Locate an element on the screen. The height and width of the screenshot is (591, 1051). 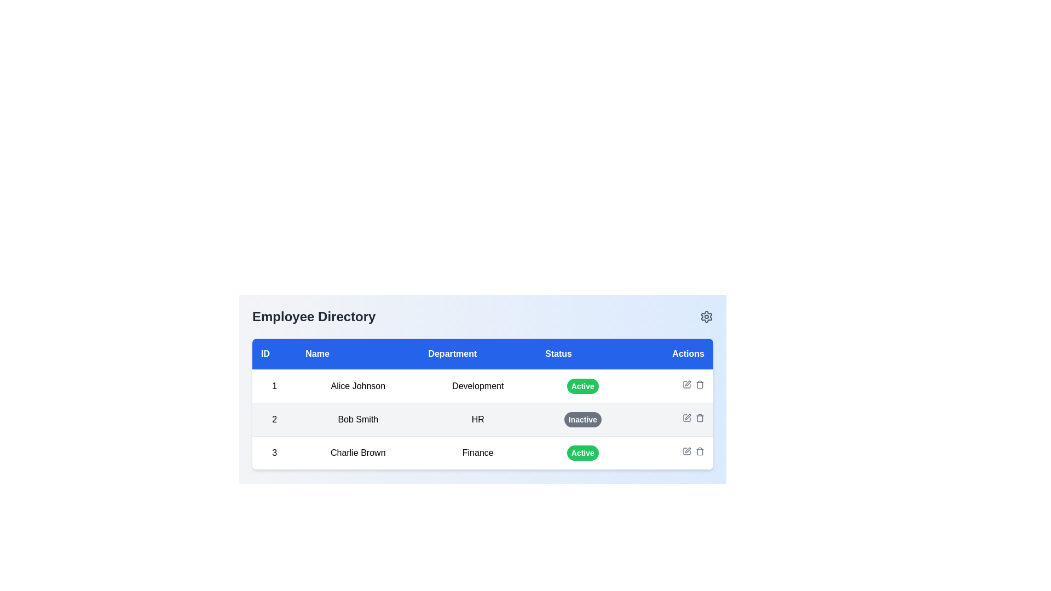
the Status indicator for employee 'Alice Johnson', which signifies their active status. This indicator is located in the first row of the employee table within the 'Status' column, adjacent to the 'Actions' column on the right and the 'Department' column on the left is located at coordinates (582, 385).